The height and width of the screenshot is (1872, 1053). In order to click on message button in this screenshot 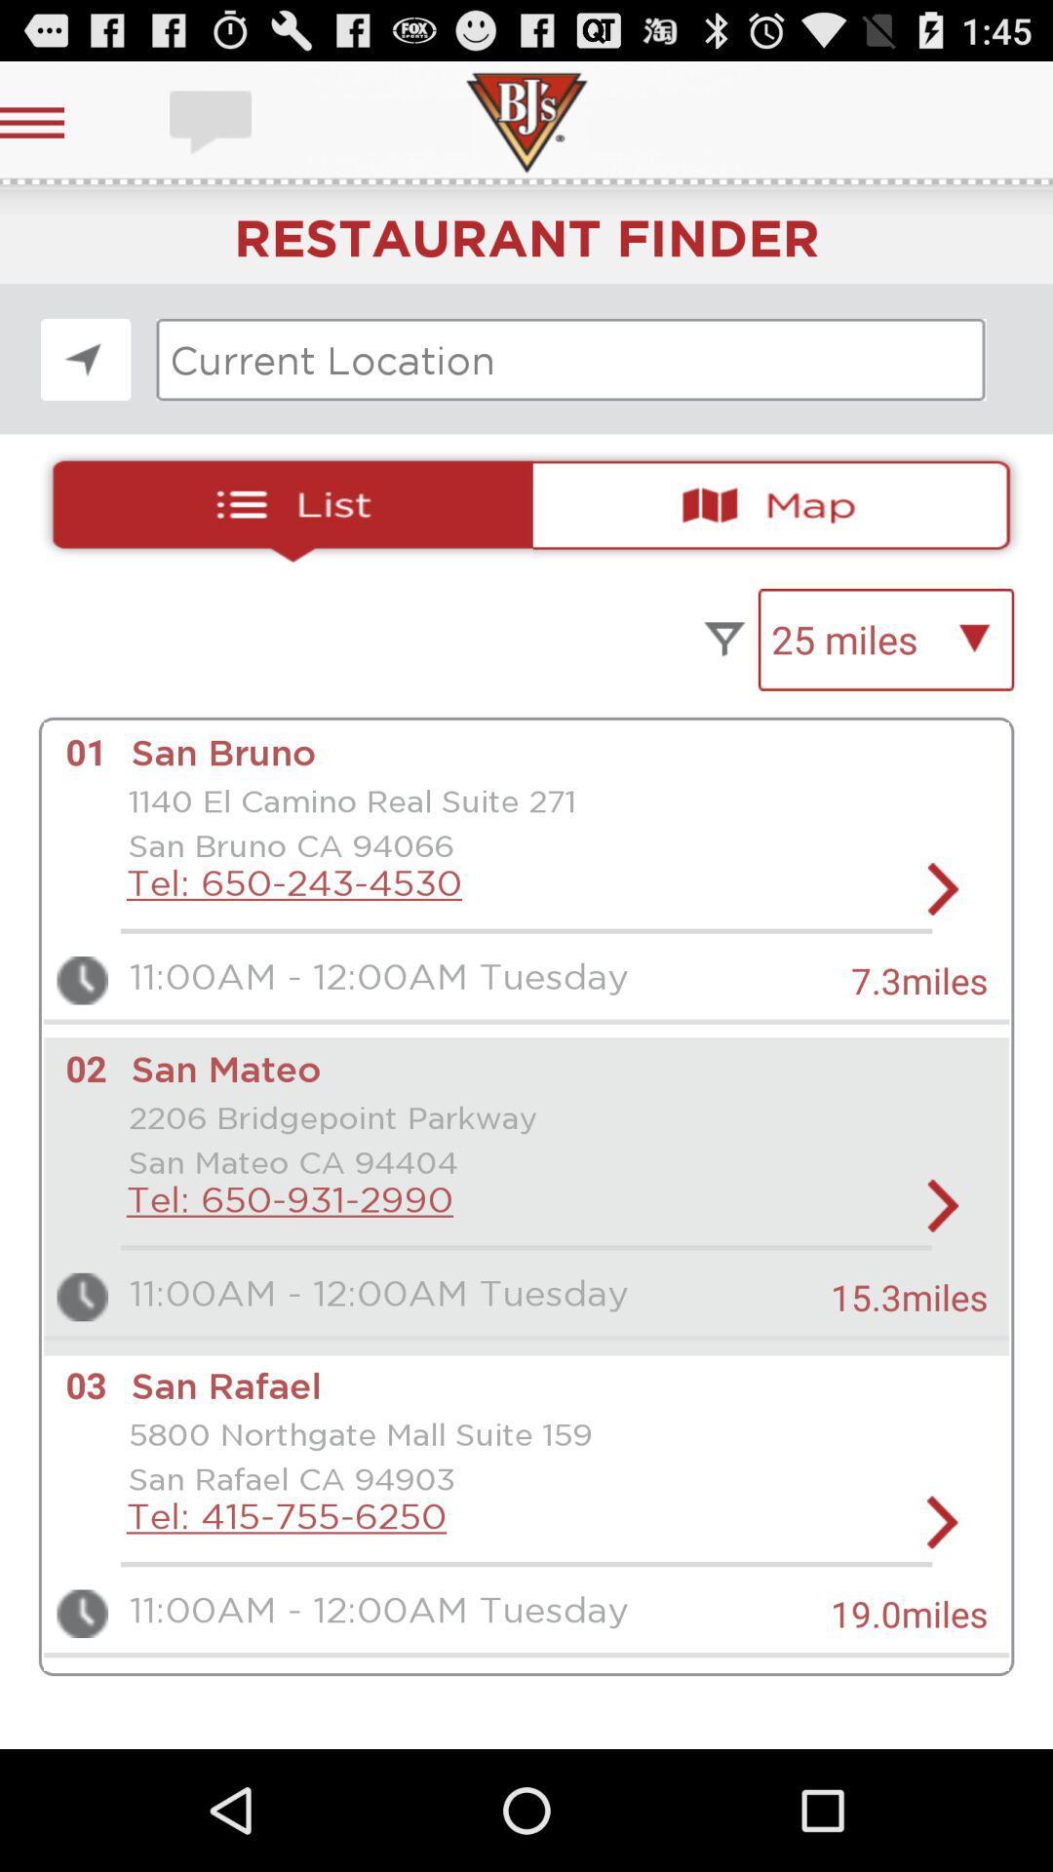, I will do `click(213, 121)`.